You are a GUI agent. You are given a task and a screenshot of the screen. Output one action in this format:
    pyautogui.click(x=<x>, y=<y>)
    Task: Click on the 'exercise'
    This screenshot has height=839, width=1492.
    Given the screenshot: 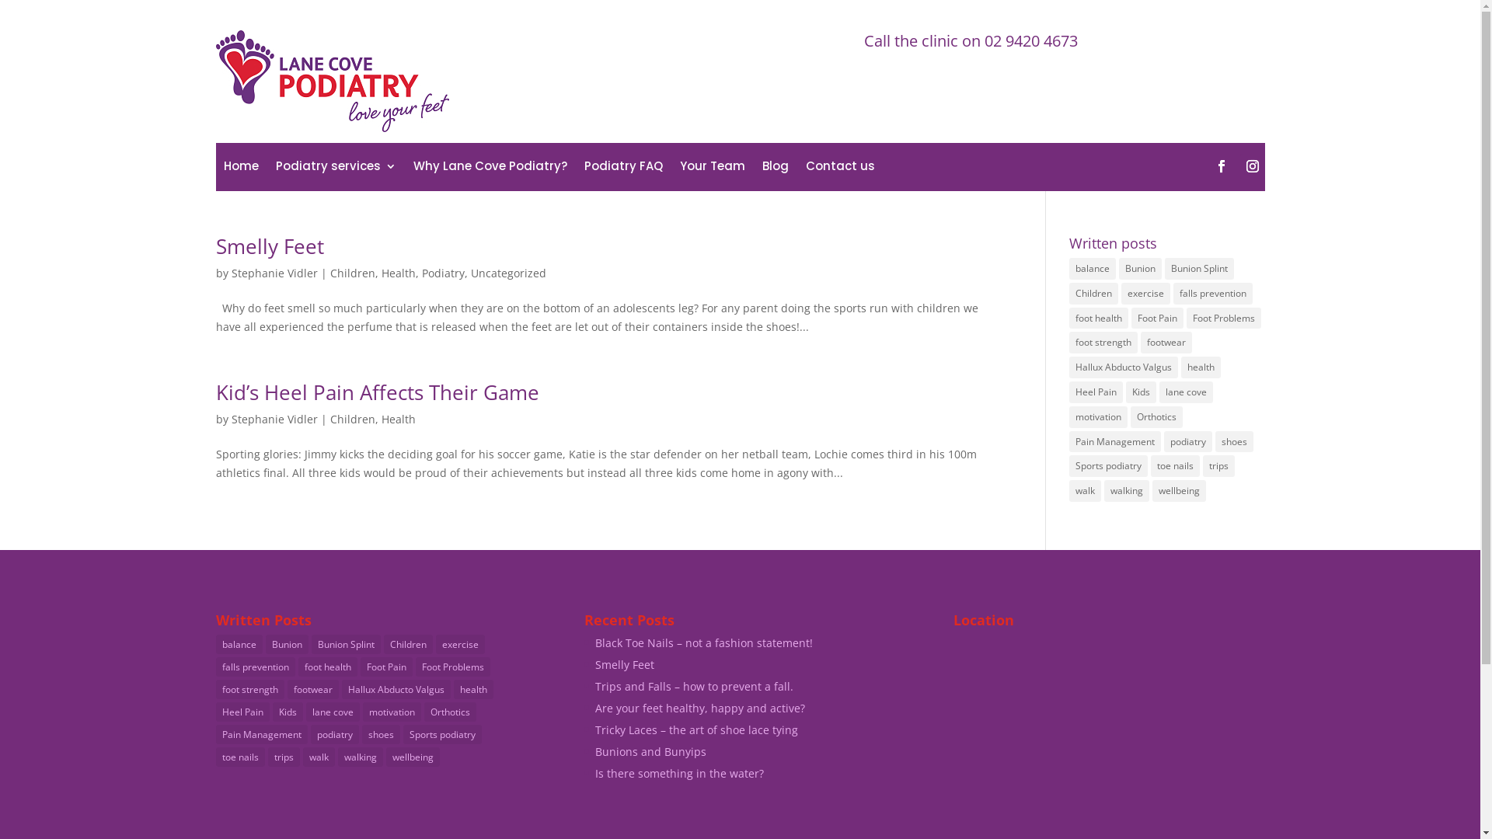 What is the action you would take?
    pyautogui.click(x=1145, y=294)
    